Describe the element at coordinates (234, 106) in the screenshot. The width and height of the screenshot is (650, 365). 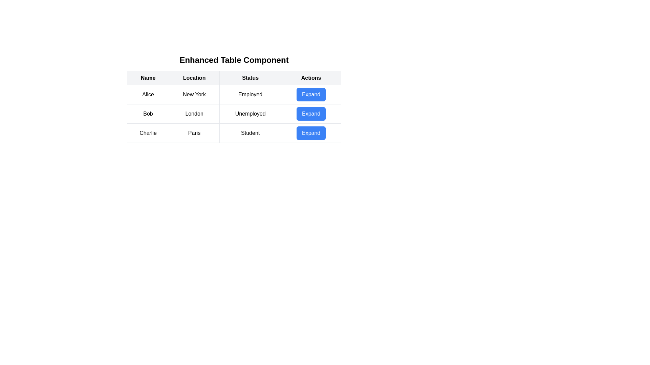
I see `the table cell displaying the employment status of 'Bob' in the second row under the 'Status' column` at that location.